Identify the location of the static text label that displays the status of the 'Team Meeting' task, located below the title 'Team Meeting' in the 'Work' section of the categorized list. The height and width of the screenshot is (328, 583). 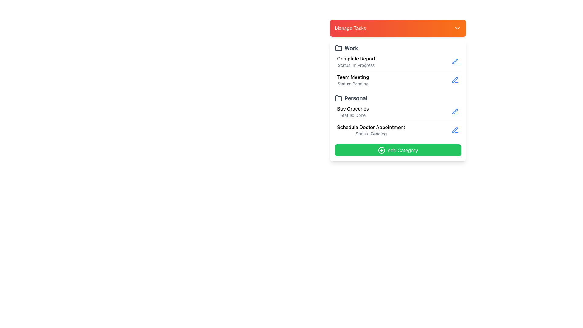
(353, 84).